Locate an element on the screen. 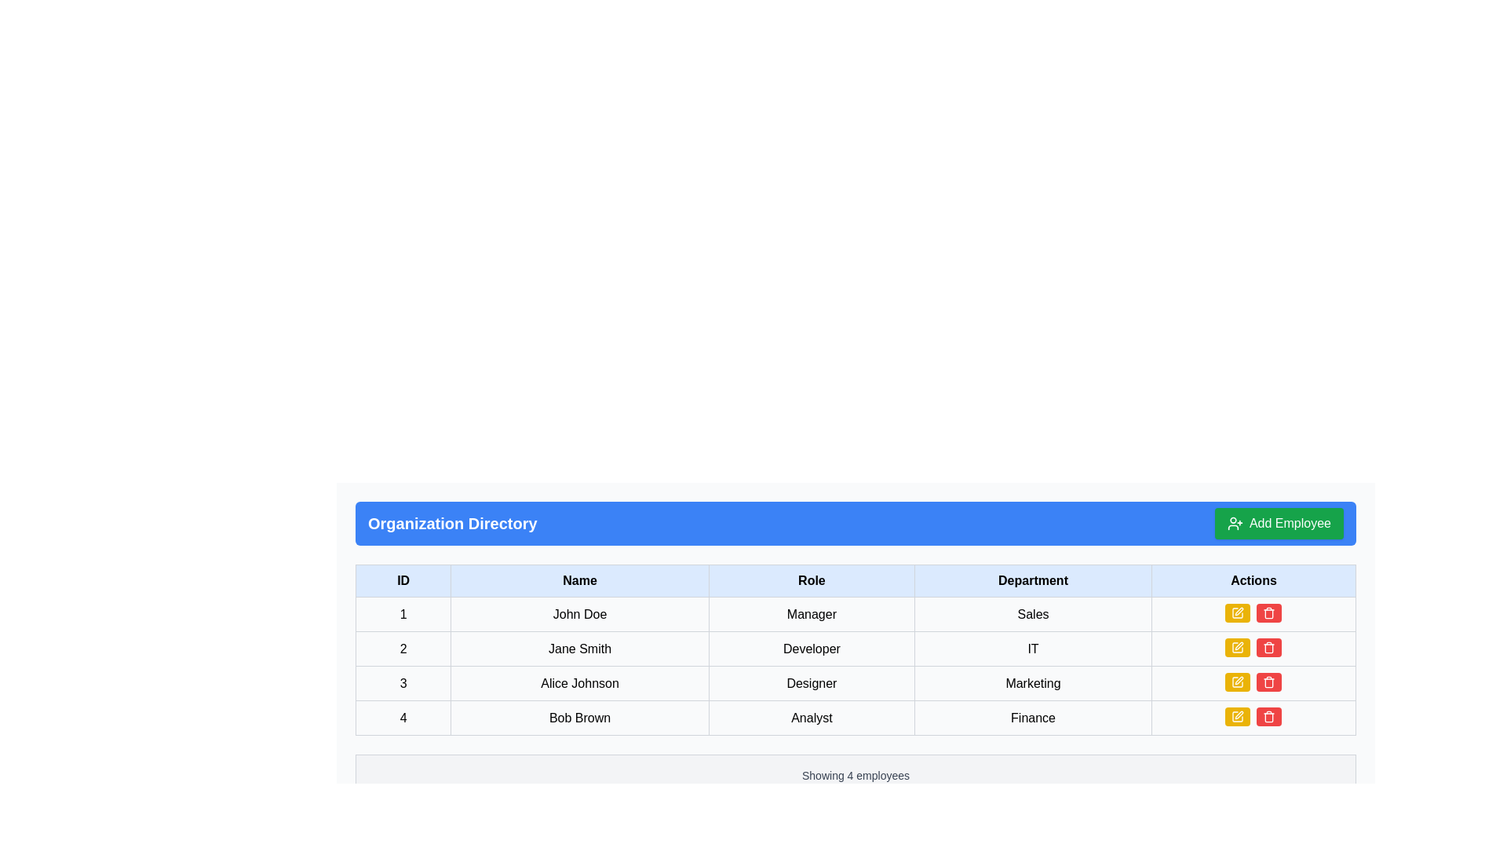  the first column header in the table that indicates ID identifiers of items or entities, located at the top-left of the table, to the left of the 'Name' header is located at coordinates (403, 581).